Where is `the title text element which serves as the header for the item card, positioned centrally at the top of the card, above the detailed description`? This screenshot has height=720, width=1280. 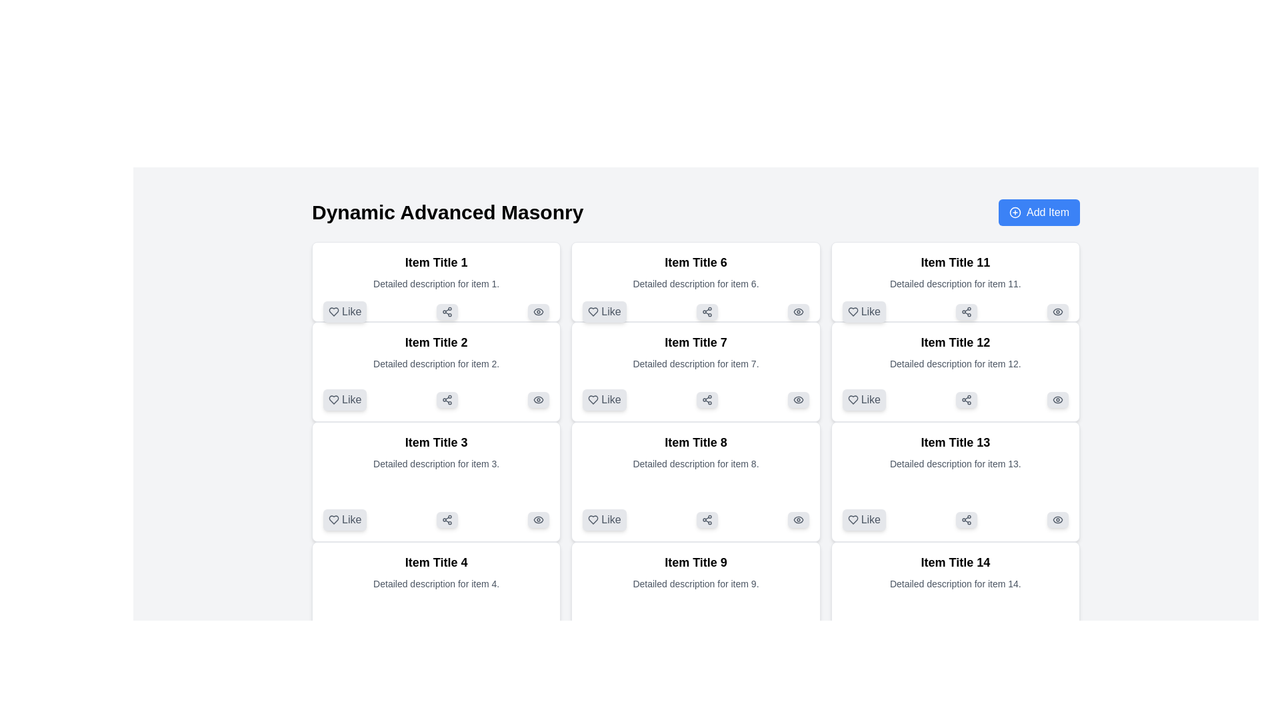
the title text element which serves as the header for the item card, positioned centrally at the top of the card, above the detailed description is located at coordinates (436, 262).